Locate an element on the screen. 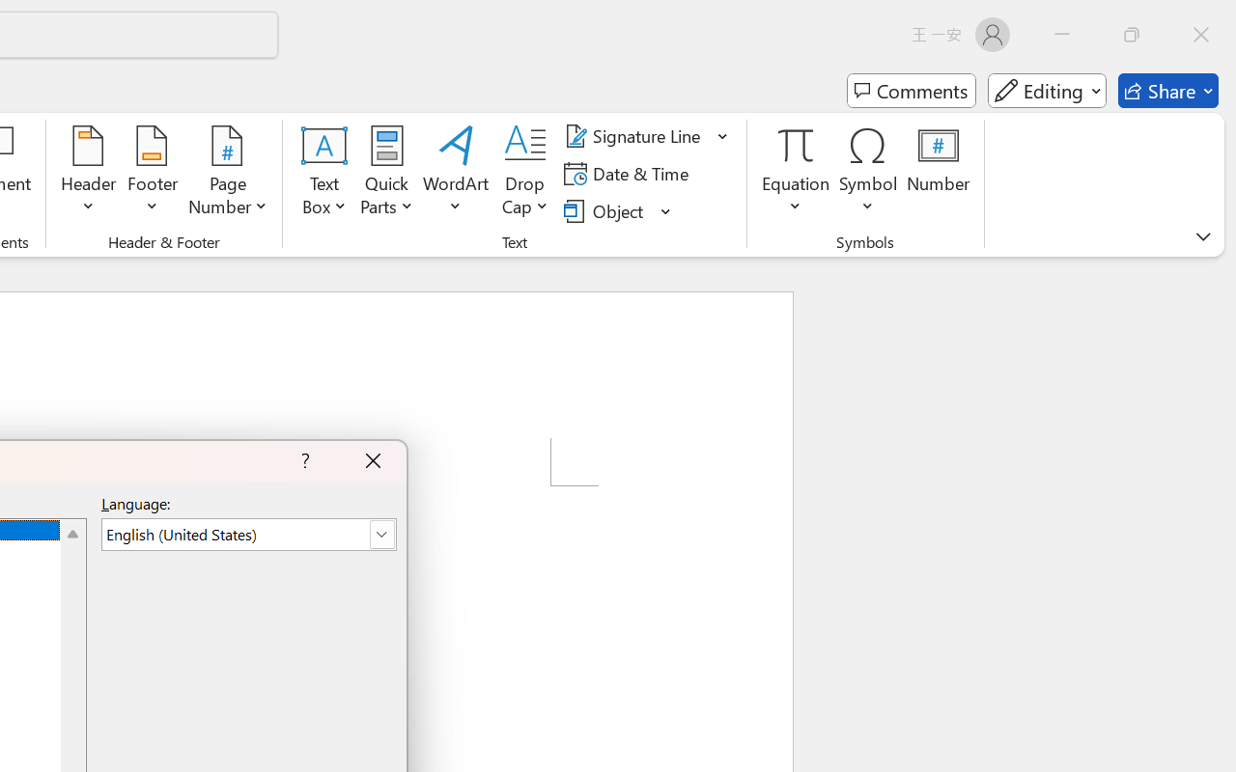 The image size is (1236, 772). 'Text Box' is located at coordinates (324, 173).